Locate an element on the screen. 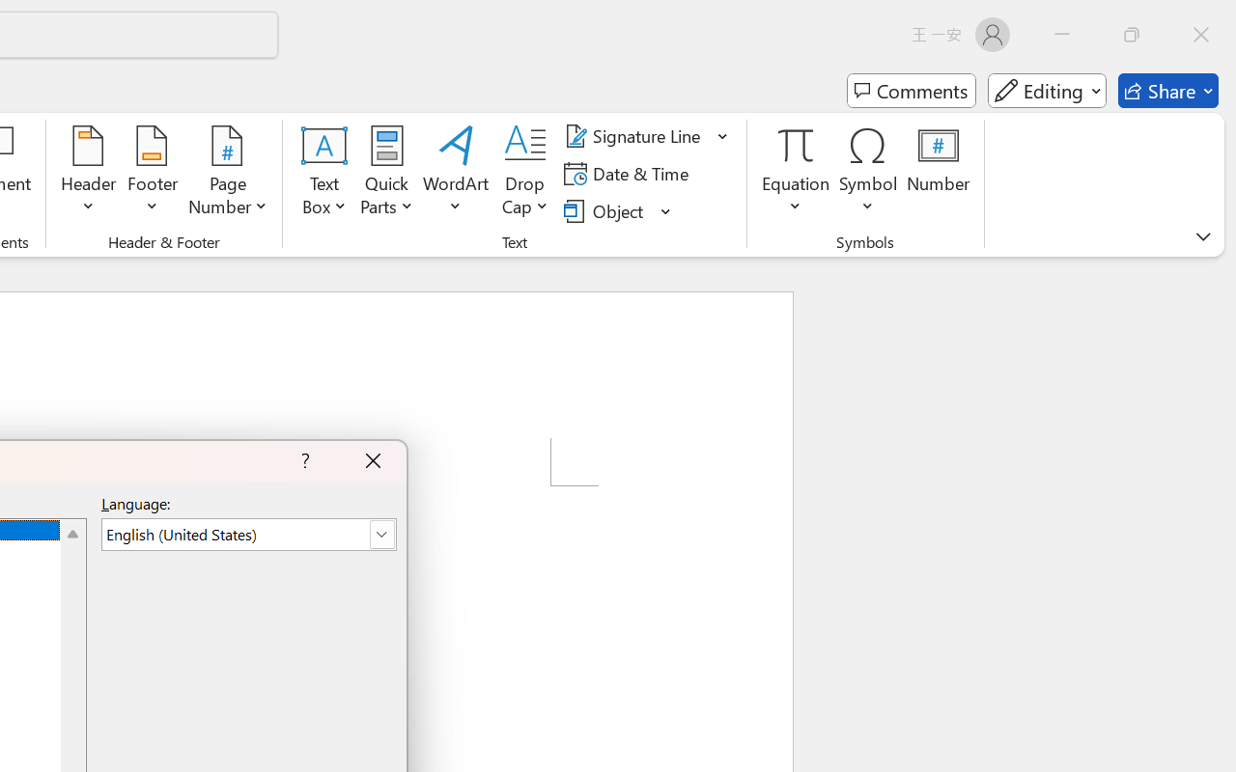 The image size is (1236, 772). 'Text Box' is located at coordinates (324, 173).